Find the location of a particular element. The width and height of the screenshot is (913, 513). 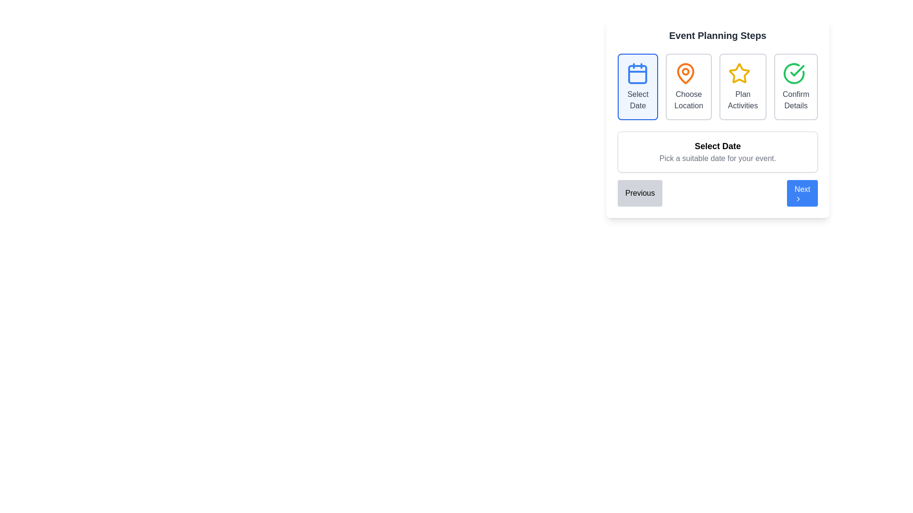

the 'Select Date' icon, which is the first icon in the event planning workflow step indicators, located at the top-left of the modal box is located at coordinates (637, 73).